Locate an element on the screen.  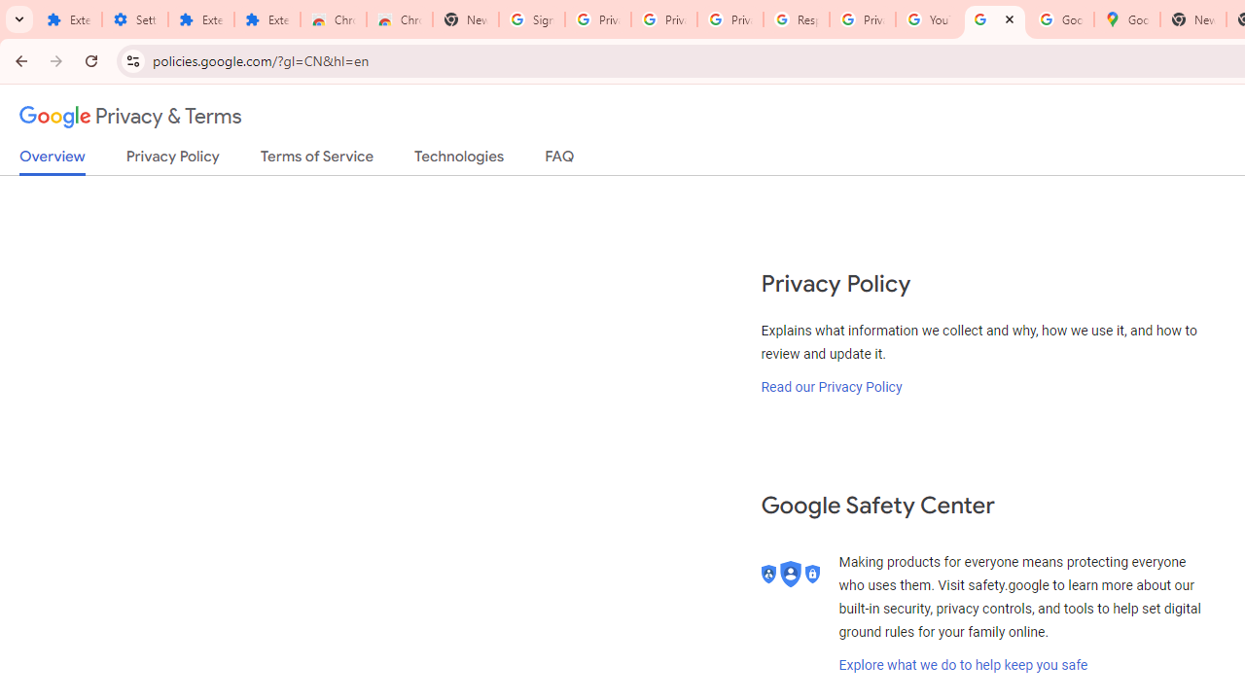
'Explore what we do to help keep you safe' is located at coordinates (963, 664).